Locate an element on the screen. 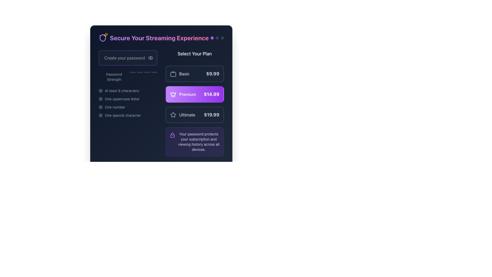 This screenshot has height=277, width=492. the 'Premium' plan label with an icon, which is positioned in the center of the 'Select Your Plan' section is located at coordinates (183, 94).